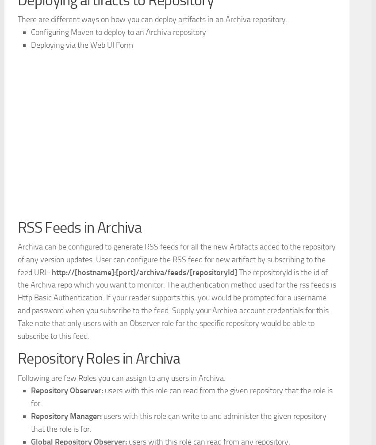 Image resolution: width=376 pixels, height=445 pixels. Describe the element at coordinates (83, 35) in the screenshot. I see `'{archiva-user}'` at that location.